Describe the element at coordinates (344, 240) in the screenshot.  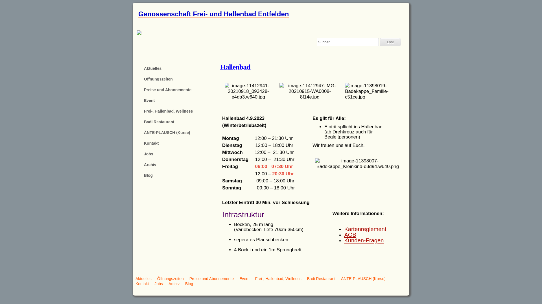
I see `'Kunden-Fragen'` at that location.